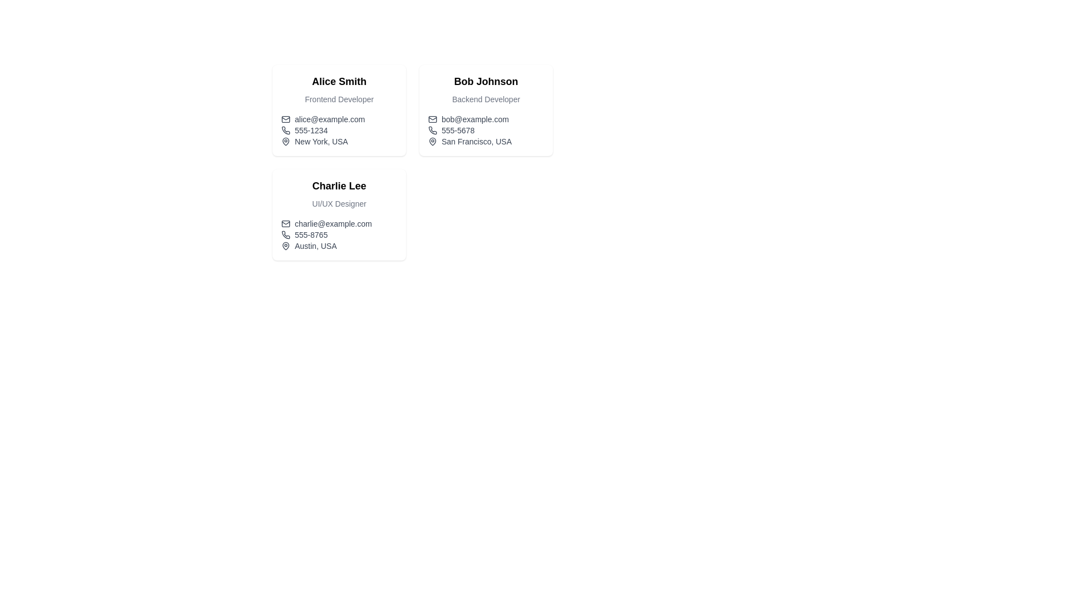 This screenshot has width=1068, height=600. I want to click on the text label describing the role or job title for 'Bob Johnson', which is positioned below the bold title and above the email address section, so click(486, 98).